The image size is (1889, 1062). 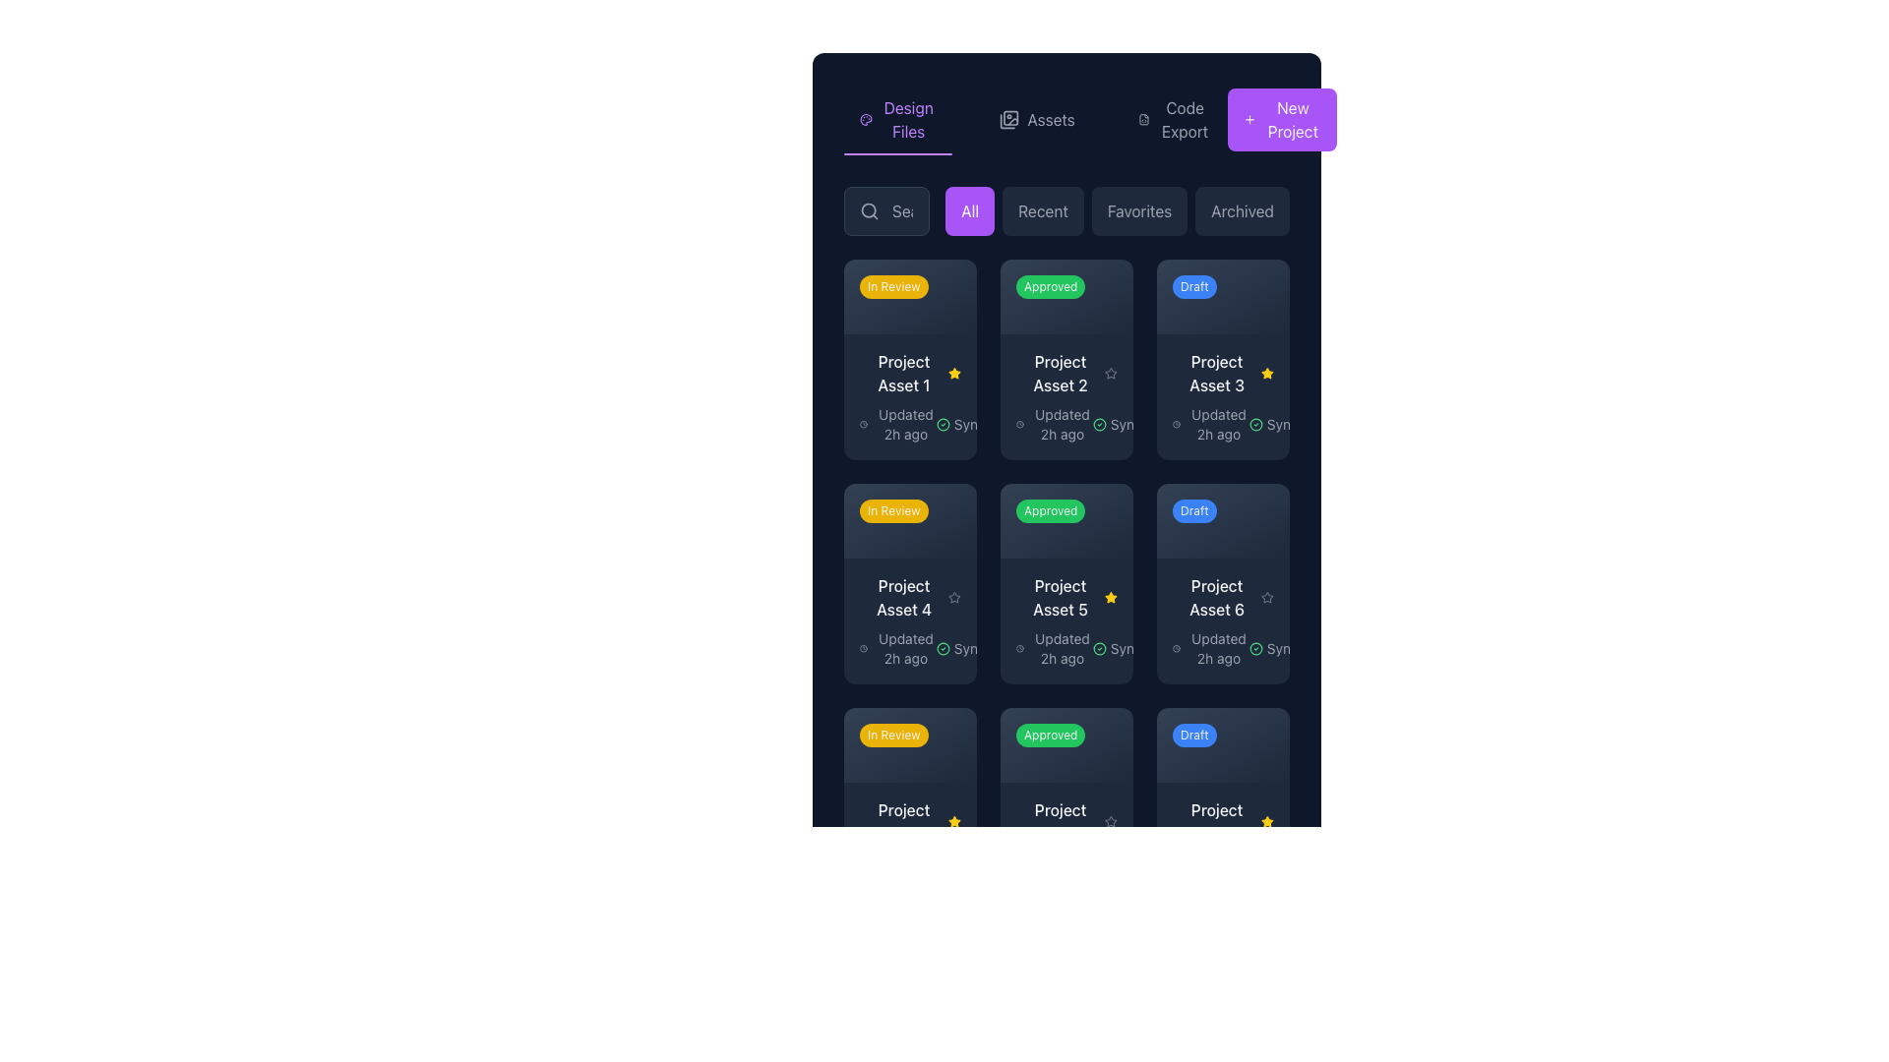 I want to click on the central circular component of the icon located in the 'Approved' section of the 'Project Asset 2' card, found in the first row, second column of the grid layout, so click(x=1098, y=423).